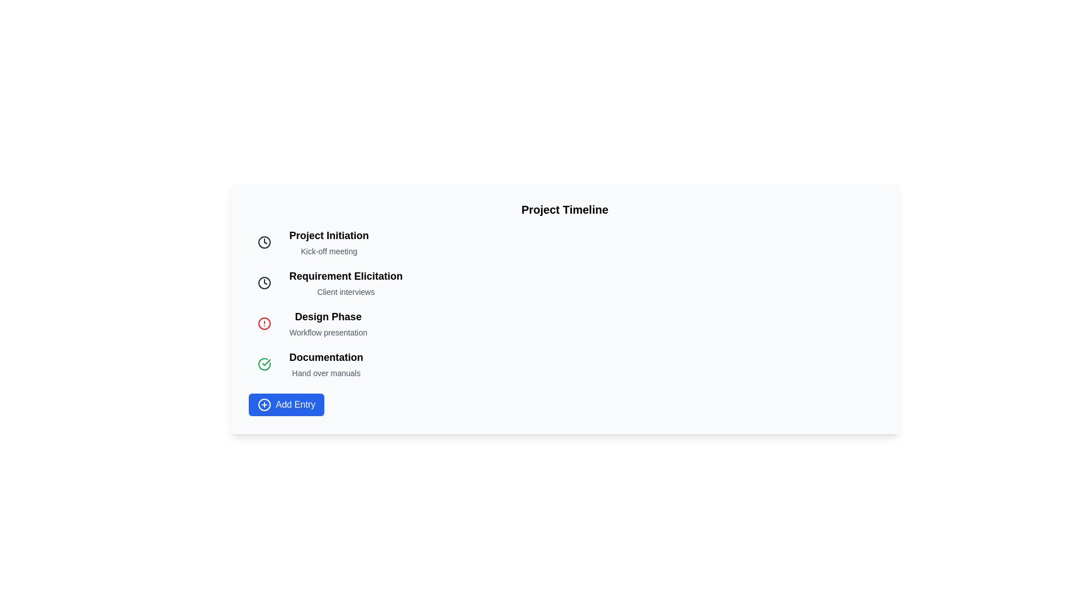 This screenshot has height=609, width=1083. I want to click on the time-related icon for the 'Project Initiation' milestone, located at the top of the list of milestones, preceding its text label, so click(264, 241).